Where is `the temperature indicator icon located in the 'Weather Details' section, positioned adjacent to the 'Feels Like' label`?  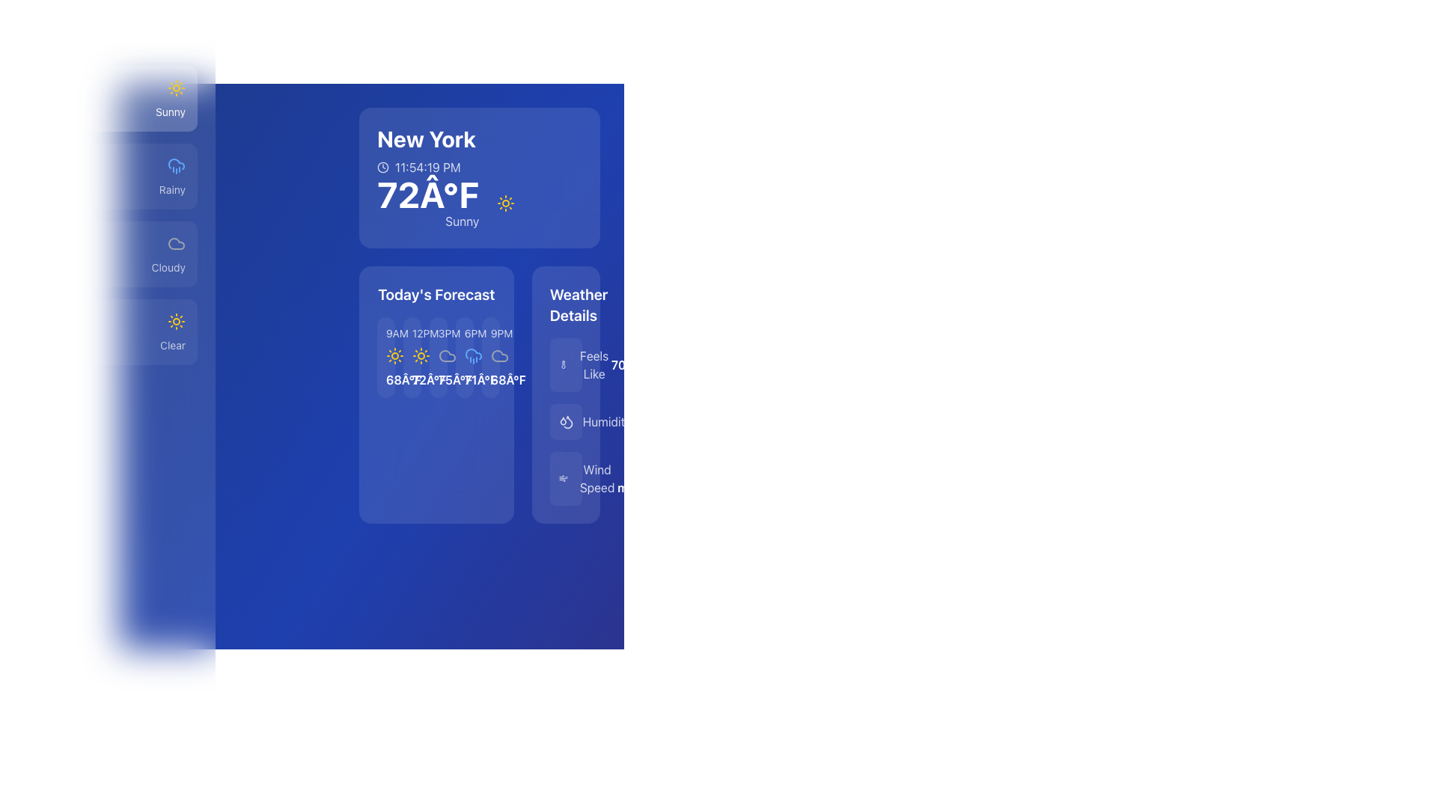 the temperature indicator icon located in the 'Weather Details' section, positioned adjacent to the 'Feels Like' label is located at coordinates (563, 365).